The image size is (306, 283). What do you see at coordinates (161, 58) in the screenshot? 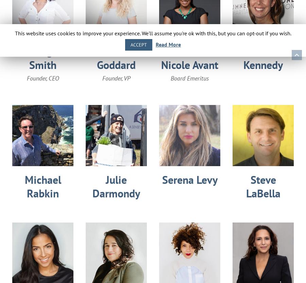
I see `'Ambassador Nicole Avant'` at bounding box center [161, 58].